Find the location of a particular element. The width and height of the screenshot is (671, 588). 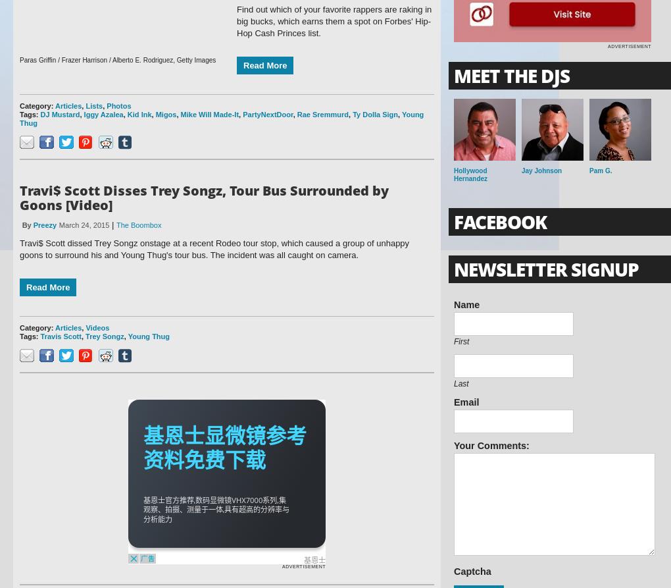

'March 24, 2015' is located at coordinates (83, 225).